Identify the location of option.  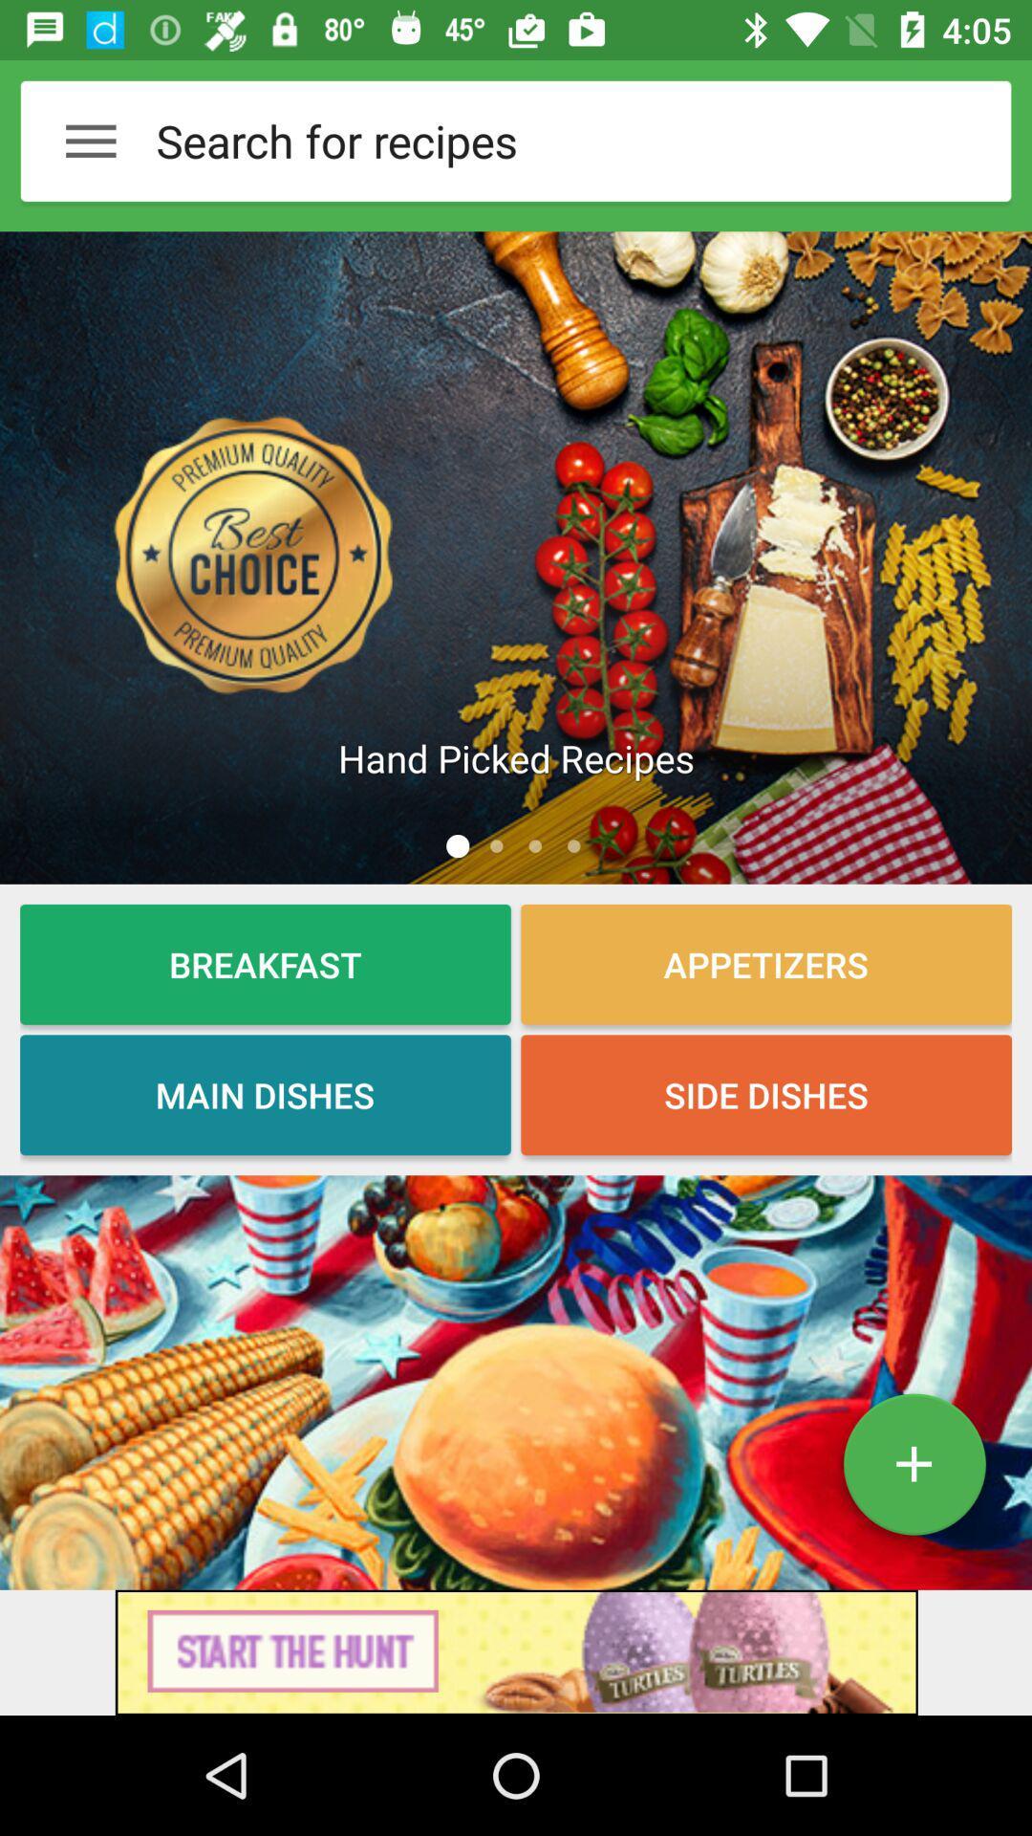
(913, 1471).